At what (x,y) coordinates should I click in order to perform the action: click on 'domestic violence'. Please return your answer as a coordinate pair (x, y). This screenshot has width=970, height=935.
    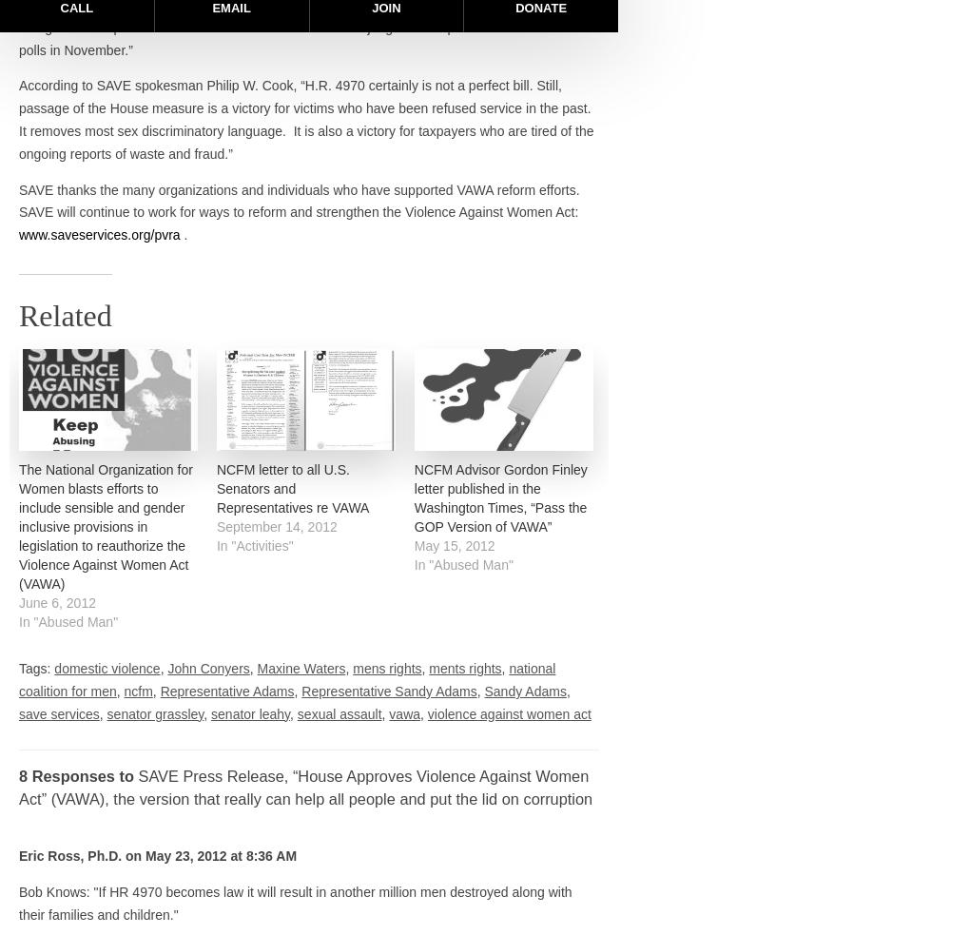
    Looking at the image, I should click on (54, 668).